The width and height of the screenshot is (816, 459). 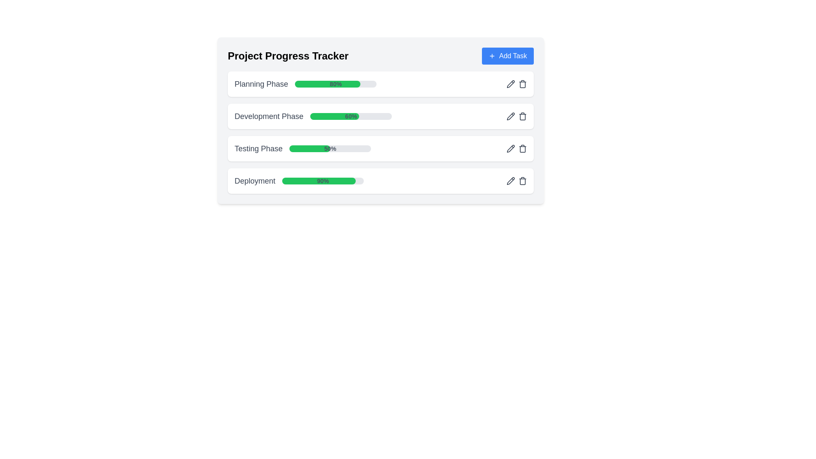 I want to click on the edit icon resembling a pencil in the right column of the 'Planning Phase' row to initiate edit mode, so click(x=510, y=83).